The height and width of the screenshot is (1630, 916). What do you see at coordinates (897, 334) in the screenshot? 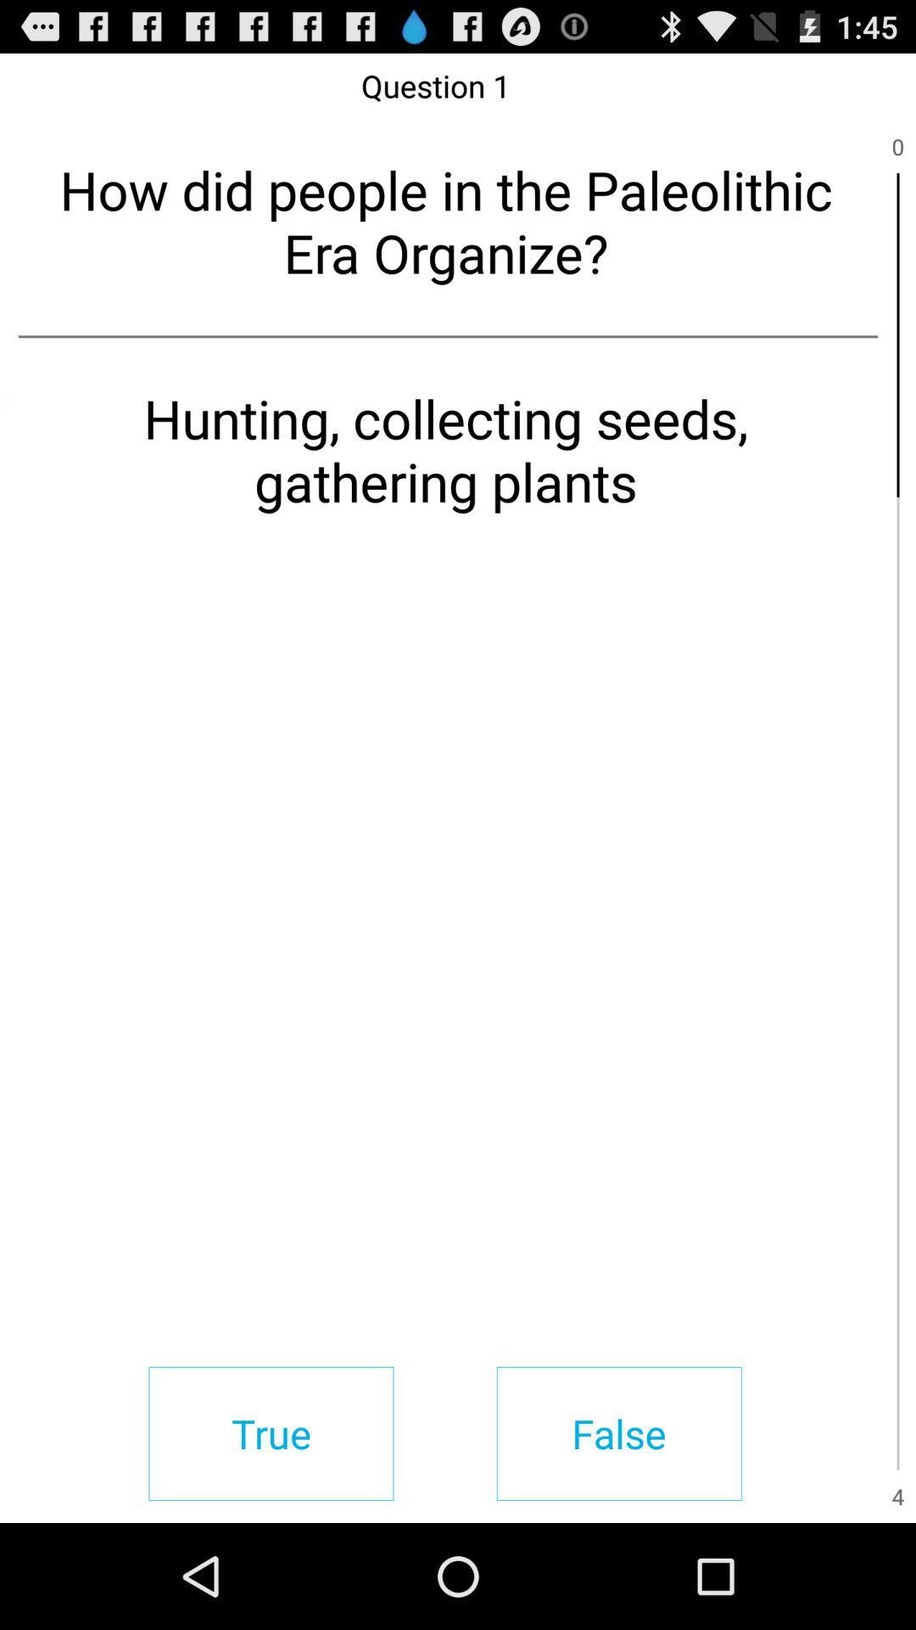
I see `icon below the 0 item` at bounding box center [897, 334].